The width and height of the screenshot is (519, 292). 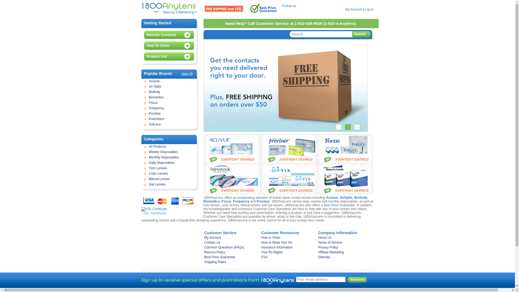 I want to click on 'Weekly Disposables', so click(x=169, y=152).